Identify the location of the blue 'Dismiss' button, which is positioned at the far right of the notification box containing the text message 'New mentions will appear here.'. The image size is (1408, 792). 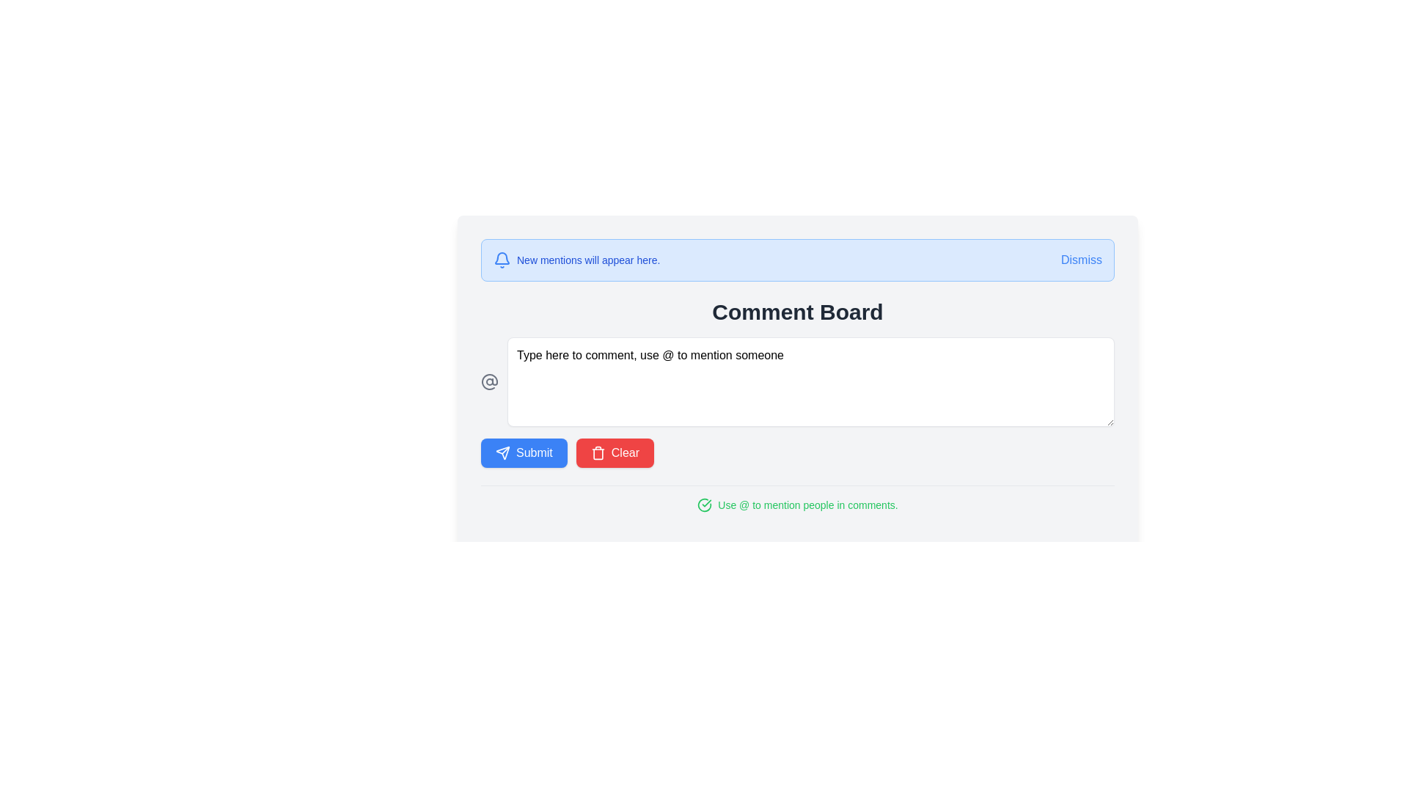
(1081, 259).